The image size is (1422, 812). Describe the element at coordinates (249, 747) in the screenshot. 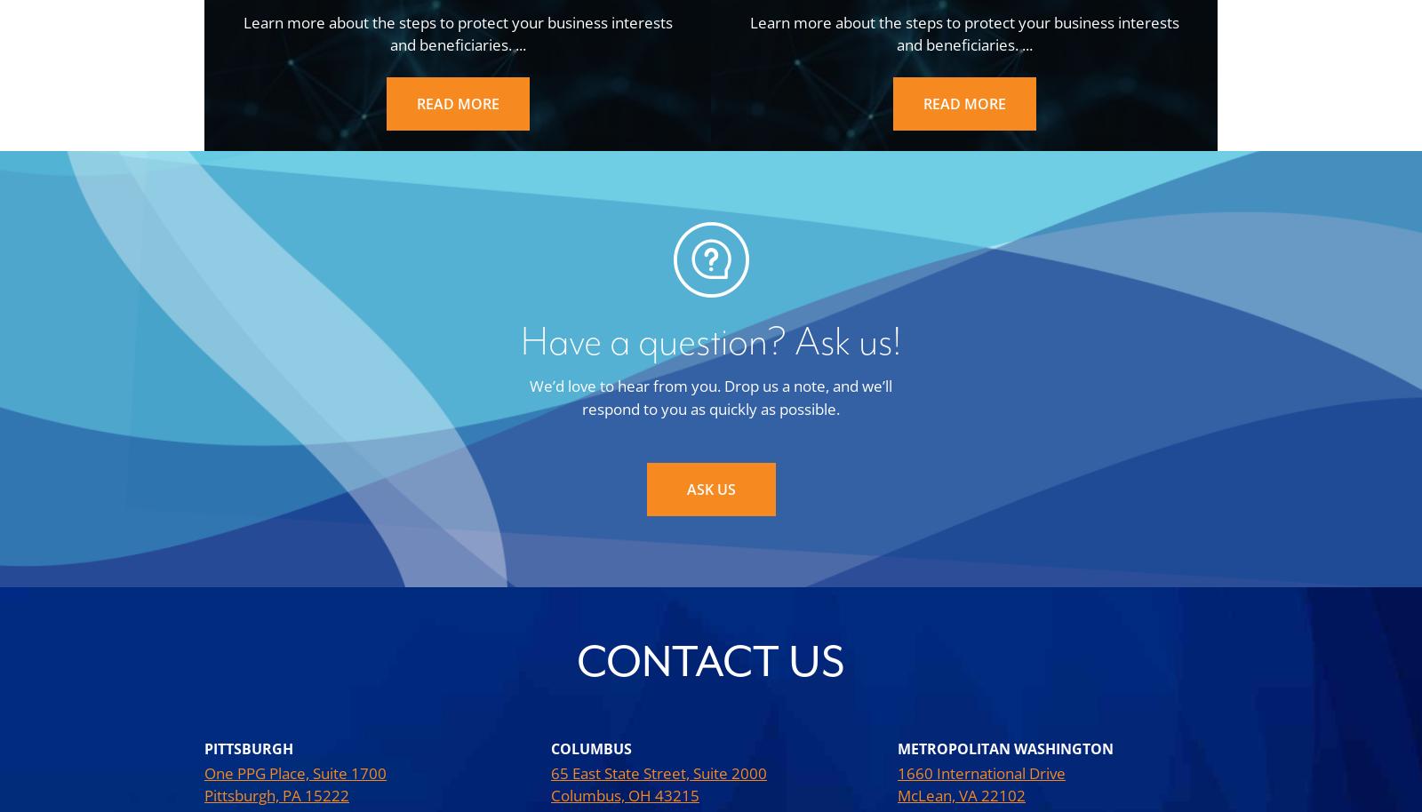

I see `'Pittsburgh'` at that location.